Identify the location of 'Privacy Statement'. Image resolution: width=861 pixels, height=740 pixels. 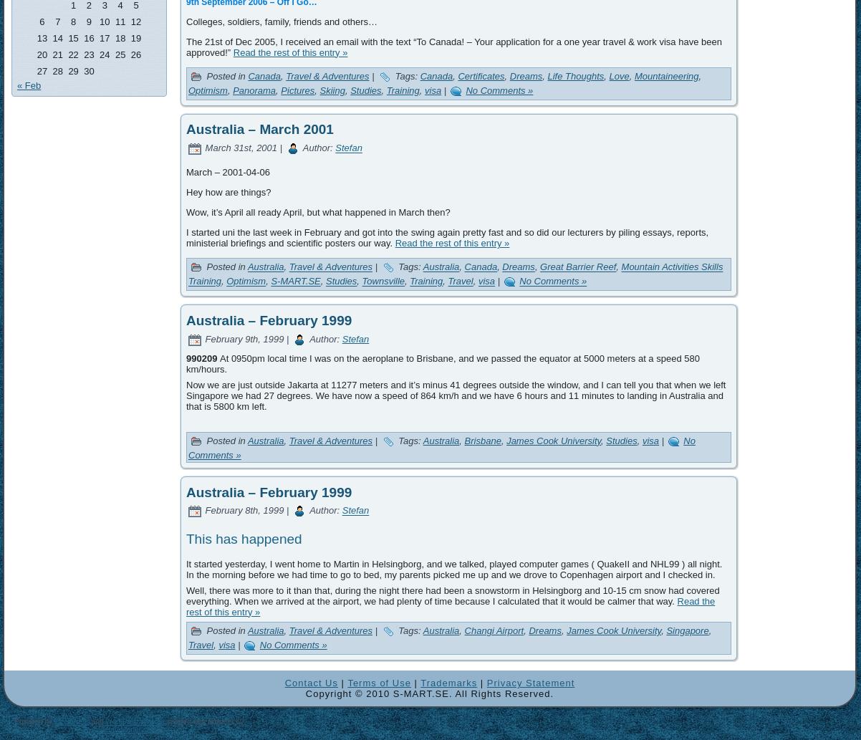
(530, 682).